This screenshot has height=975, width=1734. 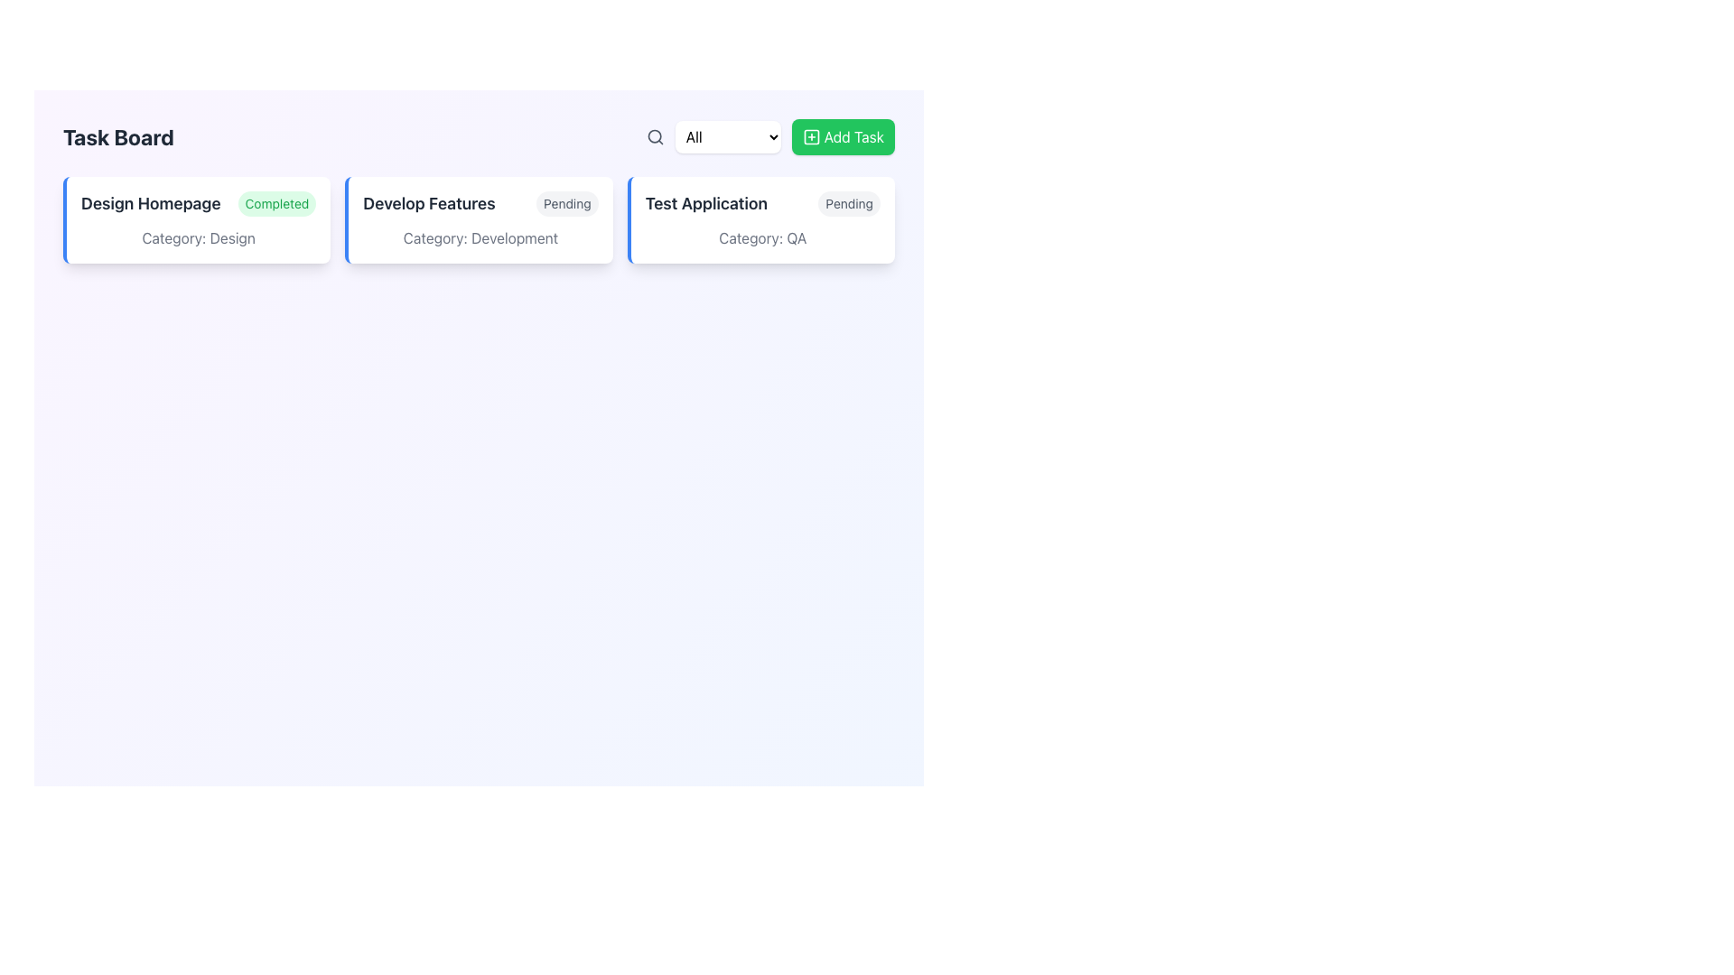 I want to click on the 'Test Application' task card, which is located in the third column of the task board and displays its status as 'Pending' and category as 'QA', so click(x=760, y=218).